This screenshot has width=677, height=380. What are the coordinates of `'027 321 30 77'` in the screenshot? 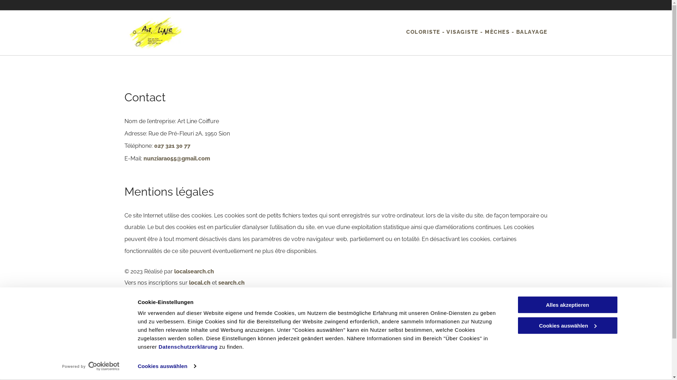 It's located at (245, 358).